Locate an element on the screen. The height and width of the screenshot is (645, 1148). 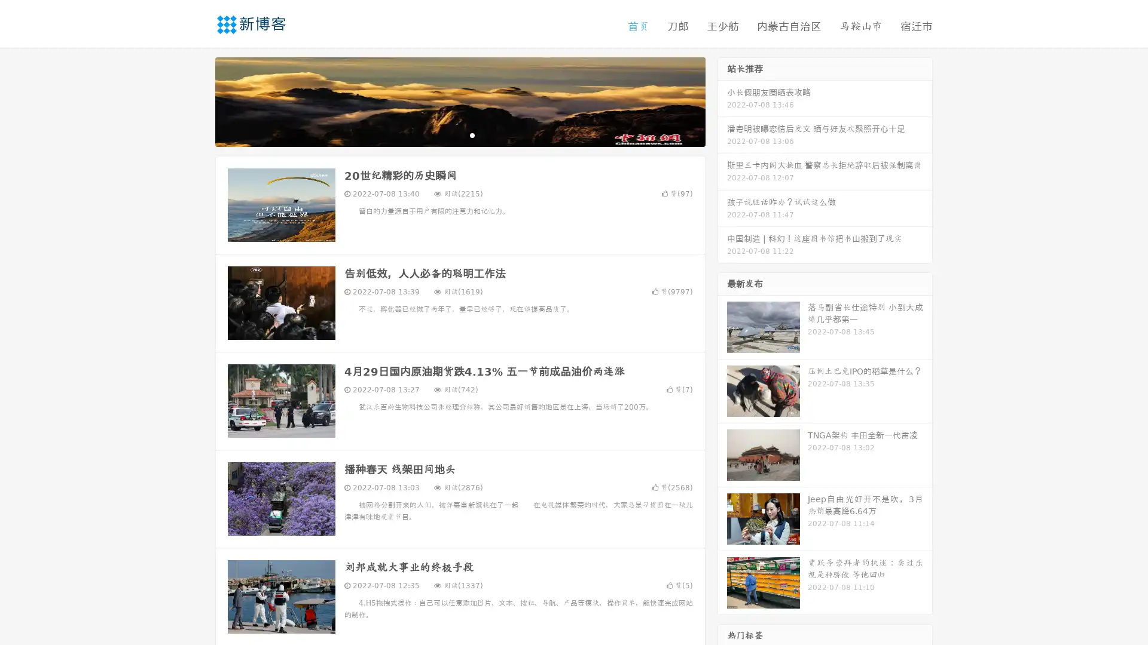
Next slide is located at coordinates (722, 100).